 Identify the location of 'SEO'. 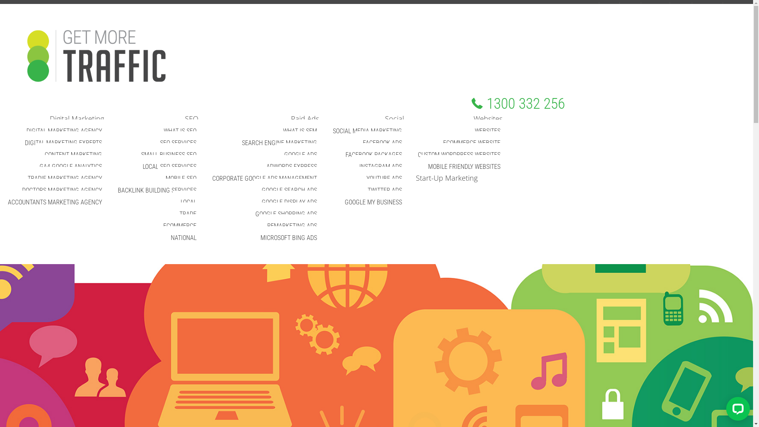
(191, 119).